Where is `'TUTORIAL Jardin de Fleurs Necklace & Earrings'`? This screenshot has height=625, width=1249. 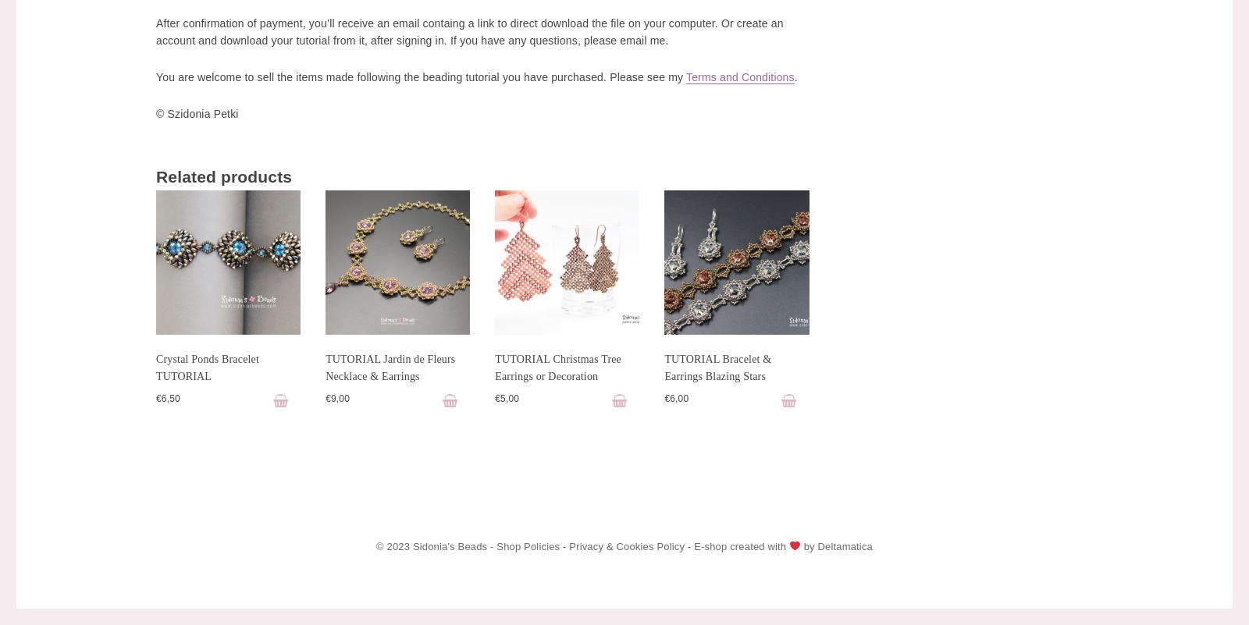
'TUTORIAL Jardin de Fleurs Necklace & Earrings' is located at coordinates (324, 367).